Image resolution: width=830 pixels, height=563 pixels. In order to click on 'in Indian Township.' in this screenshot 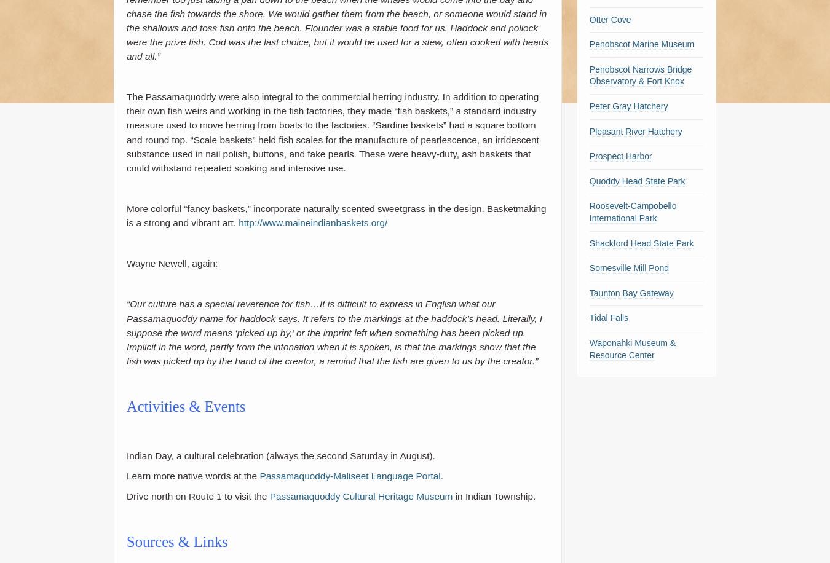, I will do `click(452, 496)`.